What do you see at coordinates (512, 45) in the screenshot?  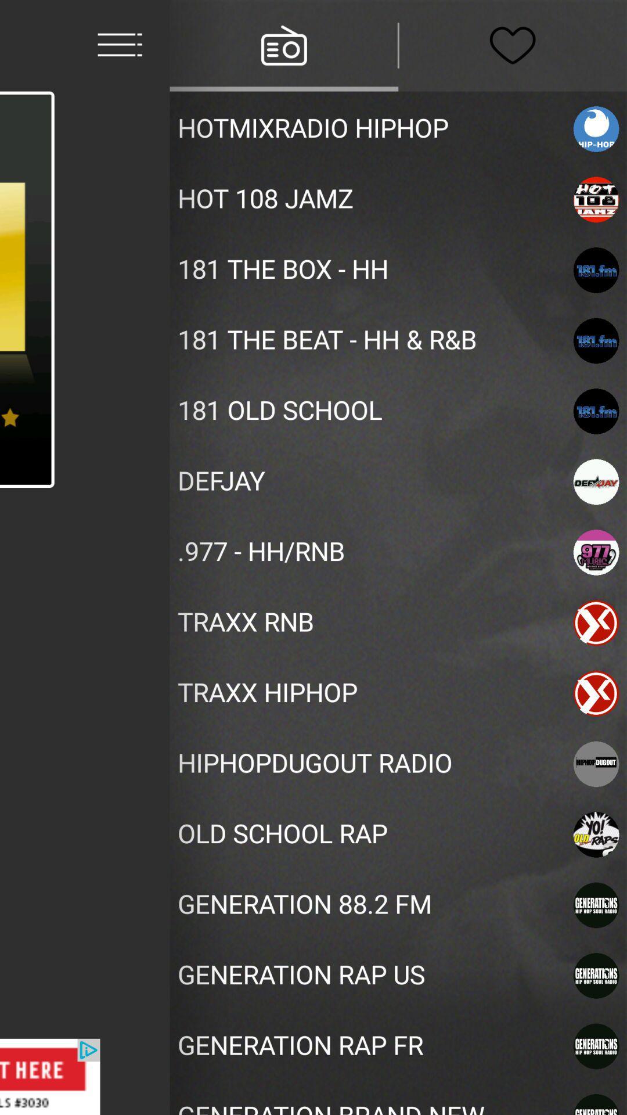 I see `the favorite icon` at bounding box center [512, 45].